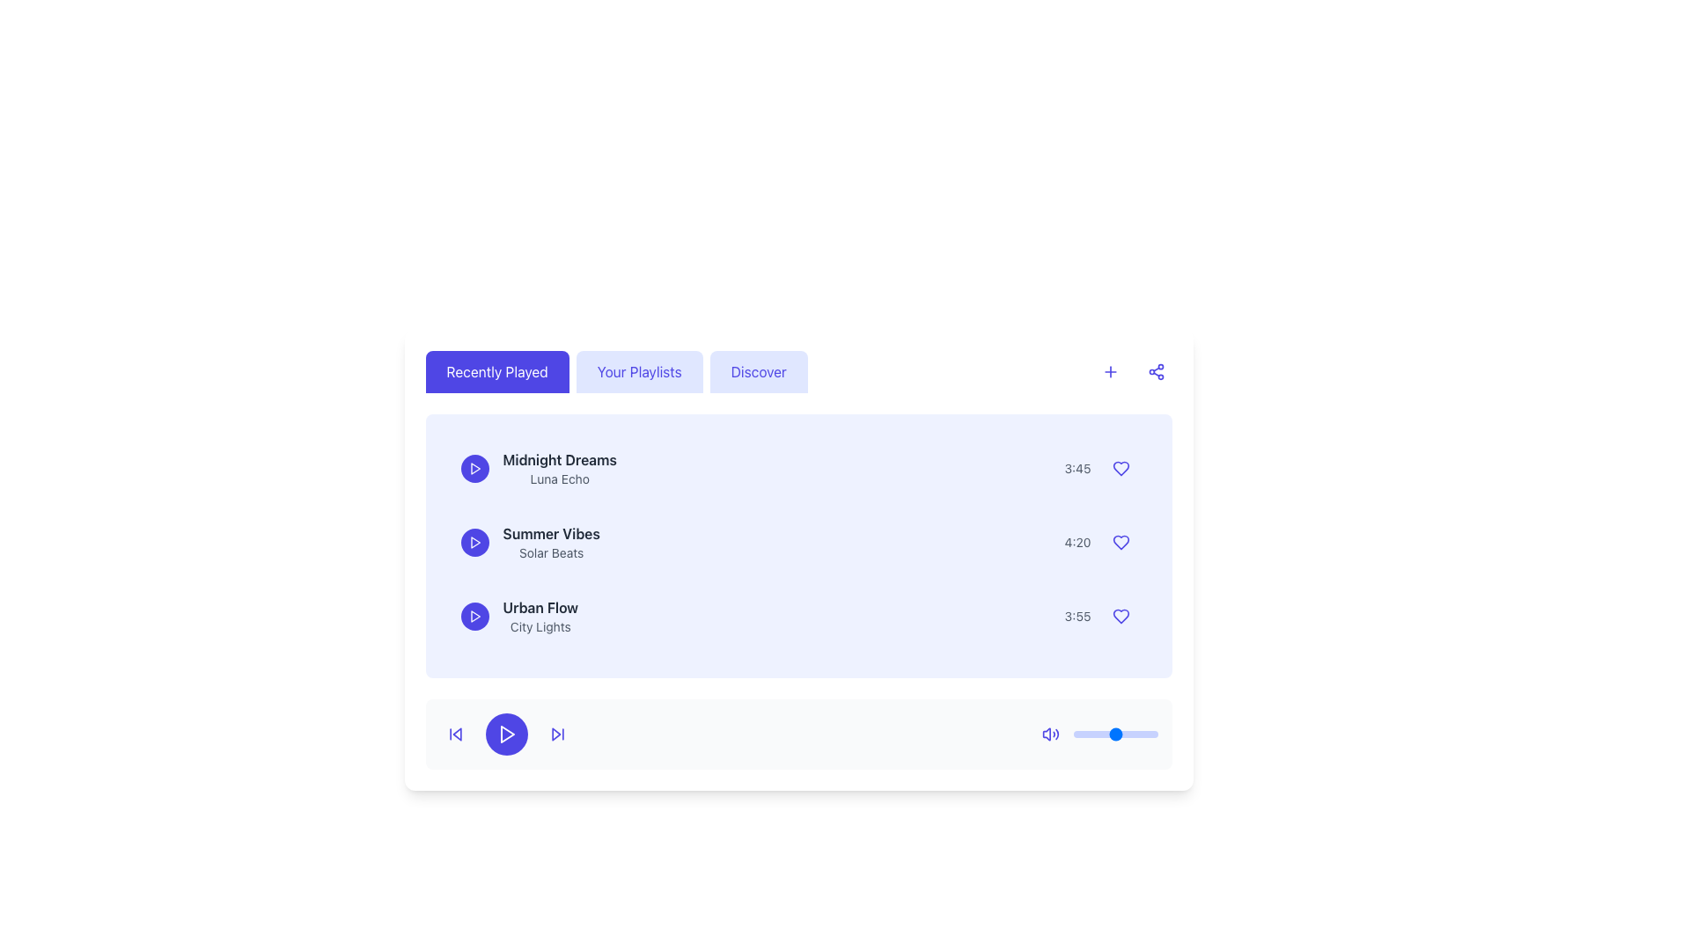 This screenshot has height=950, width=1690. Describe the element at coordinates (1120, 467) in the screenshot. I see `the heart-shaped icon with an indigo outline to favorite or like the item in the playlist, located to the right of the '3:45' text in the 'Midnight Dreams' track row` at that location.